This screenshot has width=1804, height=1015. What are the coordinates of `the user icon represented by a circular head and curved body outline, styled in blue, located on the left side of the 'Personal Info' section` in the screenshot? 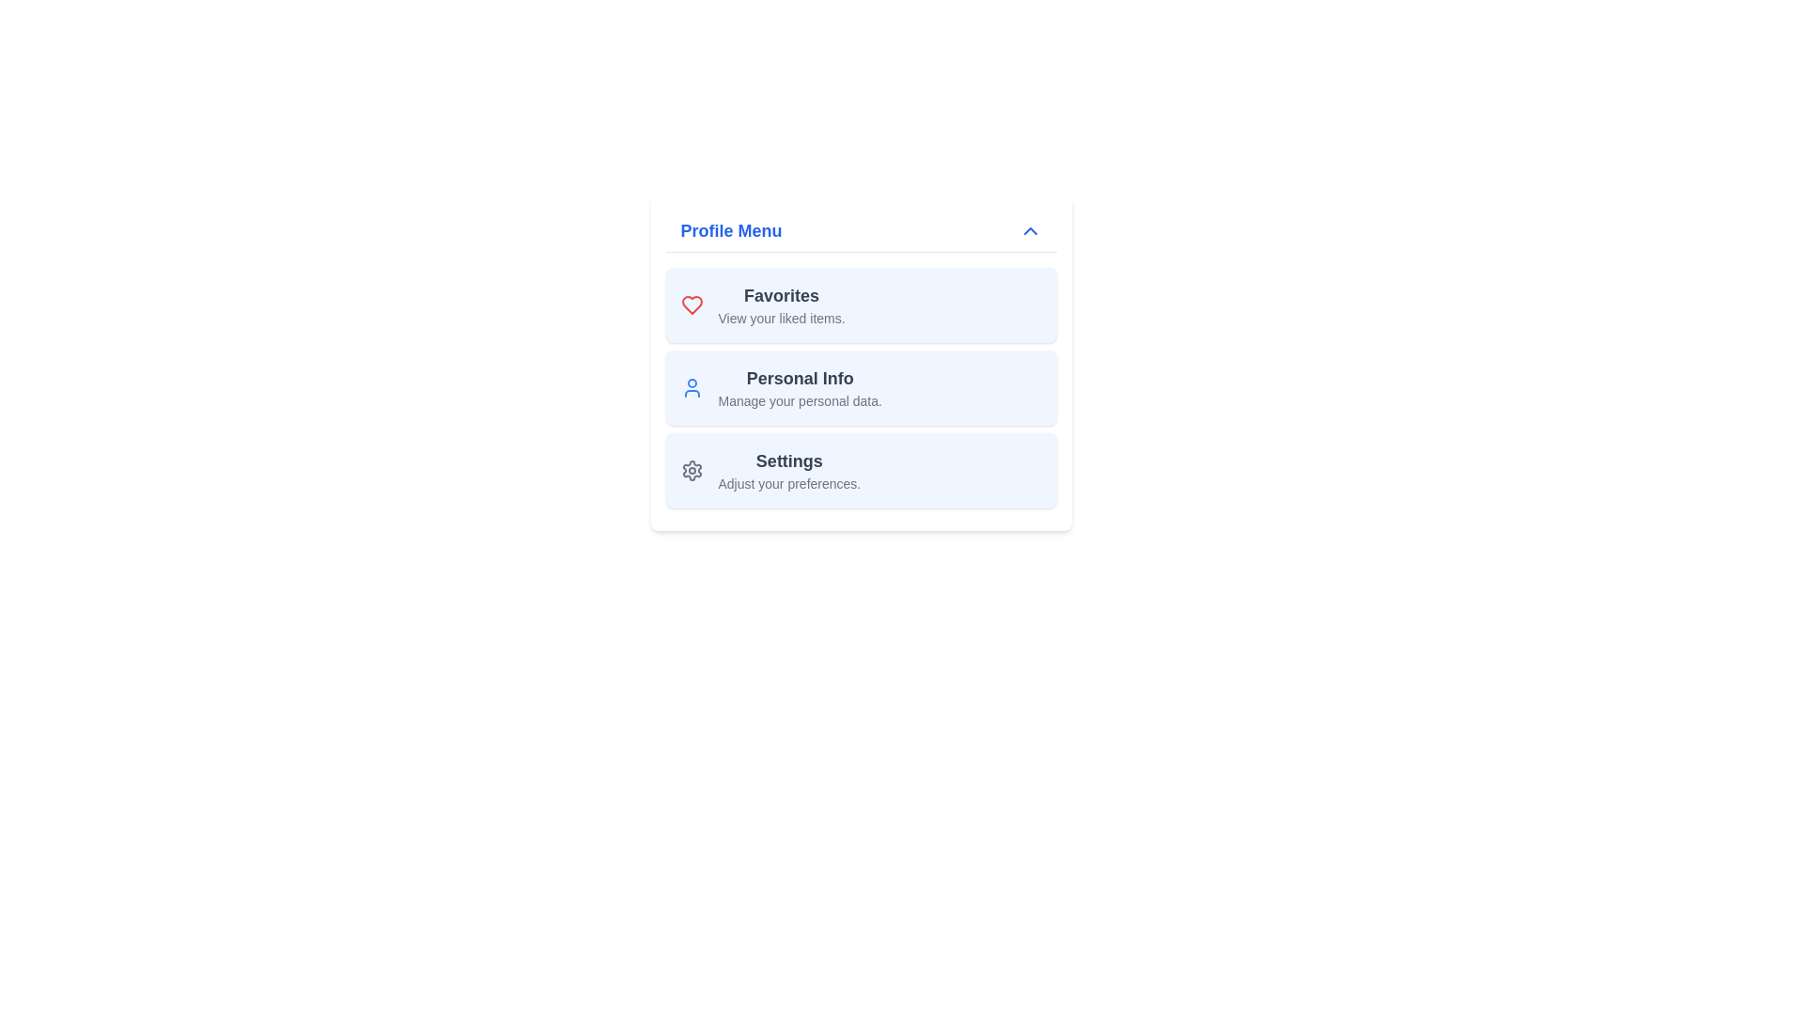 It's located at (691, 386).